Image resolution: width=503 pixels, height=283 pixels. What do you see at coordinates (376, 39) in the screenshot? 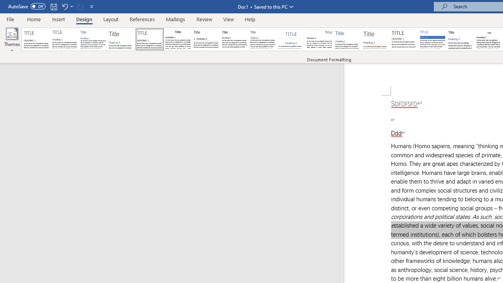
I see `'Lines (Stylish)'` at bounding box center [376, 39].